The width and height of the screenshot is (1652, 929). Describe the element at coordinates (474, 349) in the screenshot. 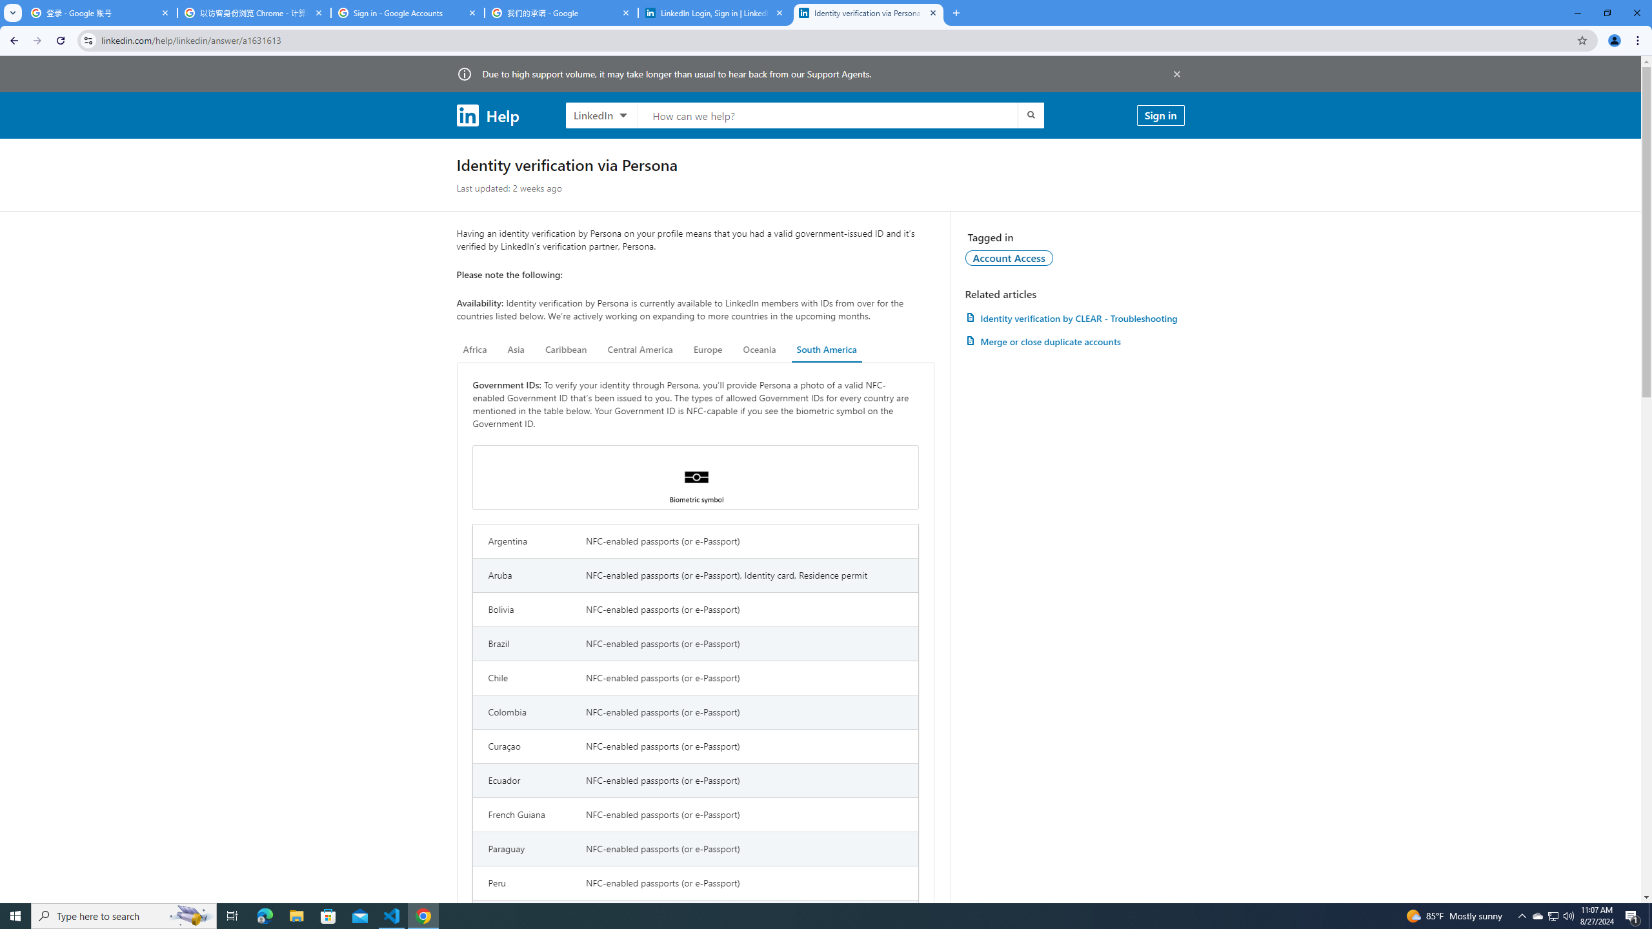

I see `'Africa'` at that location.